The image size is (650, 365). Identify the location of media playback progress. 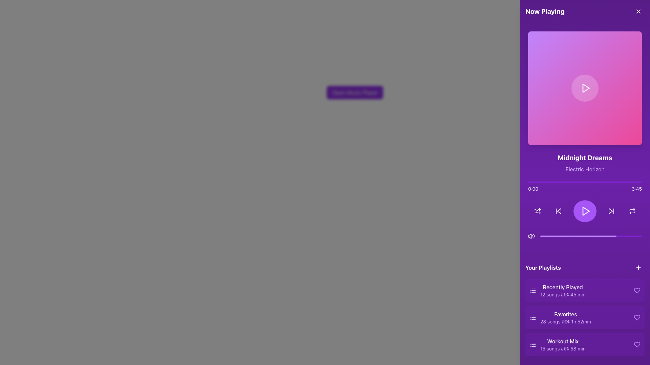
(548, 236).